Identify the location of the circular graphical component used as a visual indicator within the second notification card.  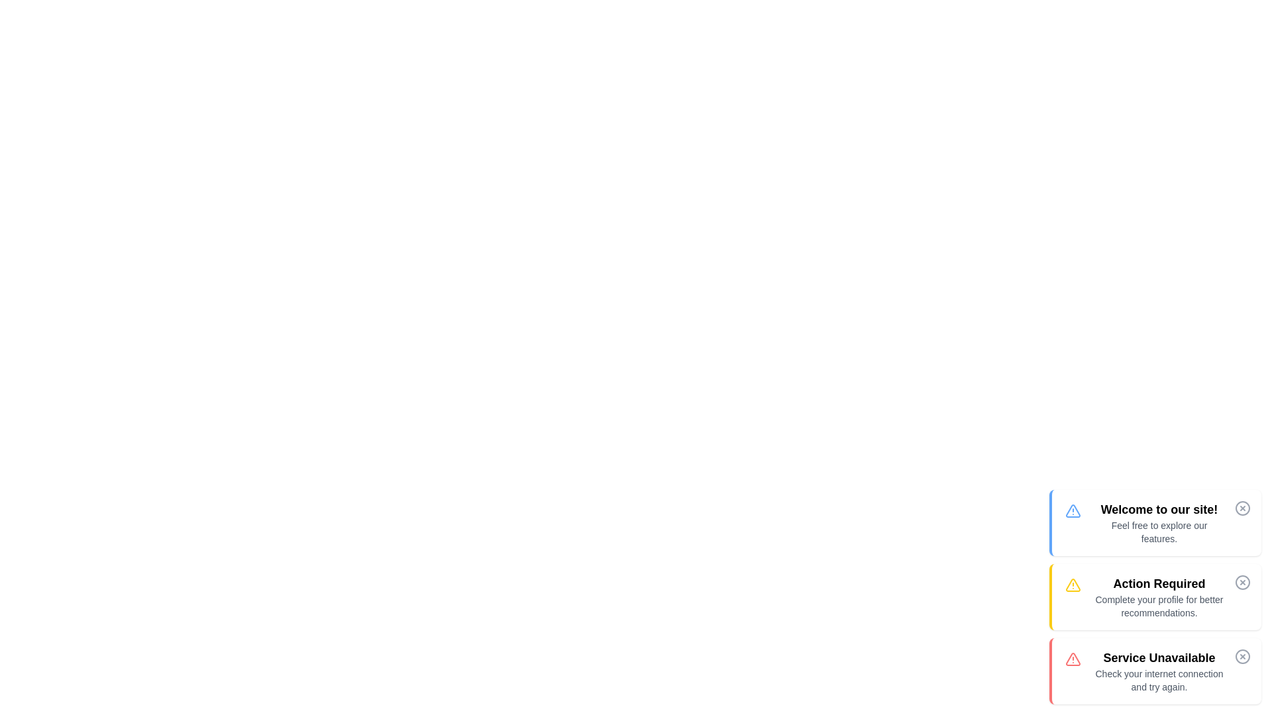
(1242, 581).